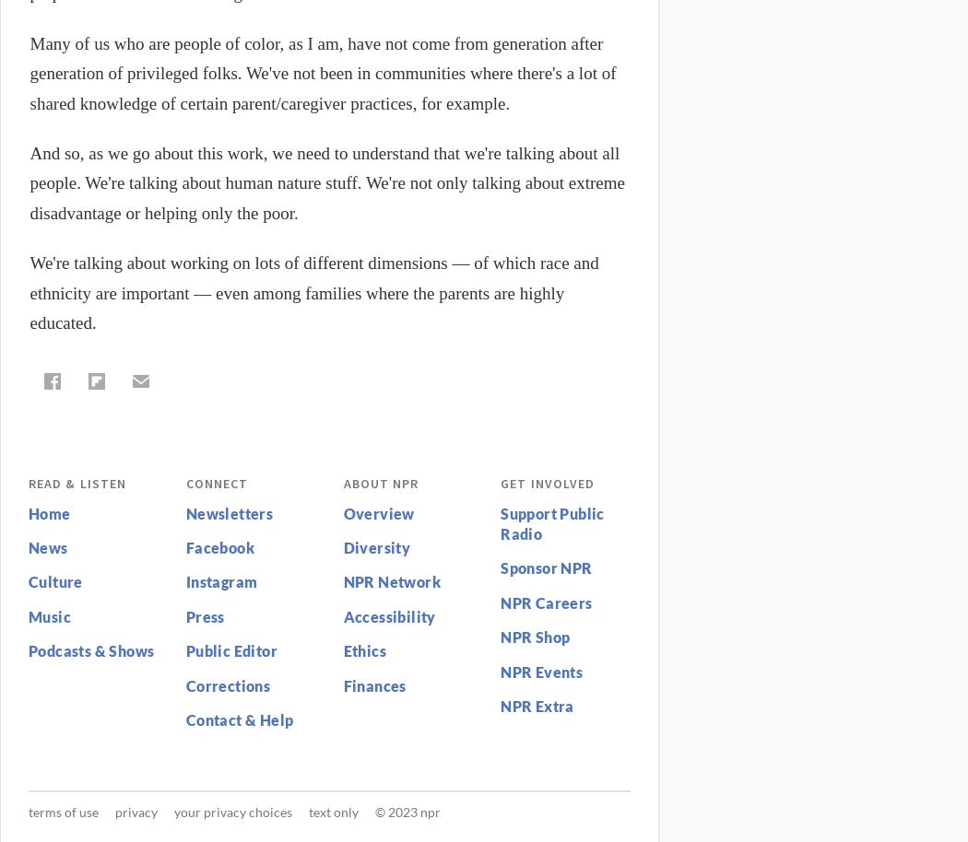  I want to click on 'Instagram', so click(183, 580).